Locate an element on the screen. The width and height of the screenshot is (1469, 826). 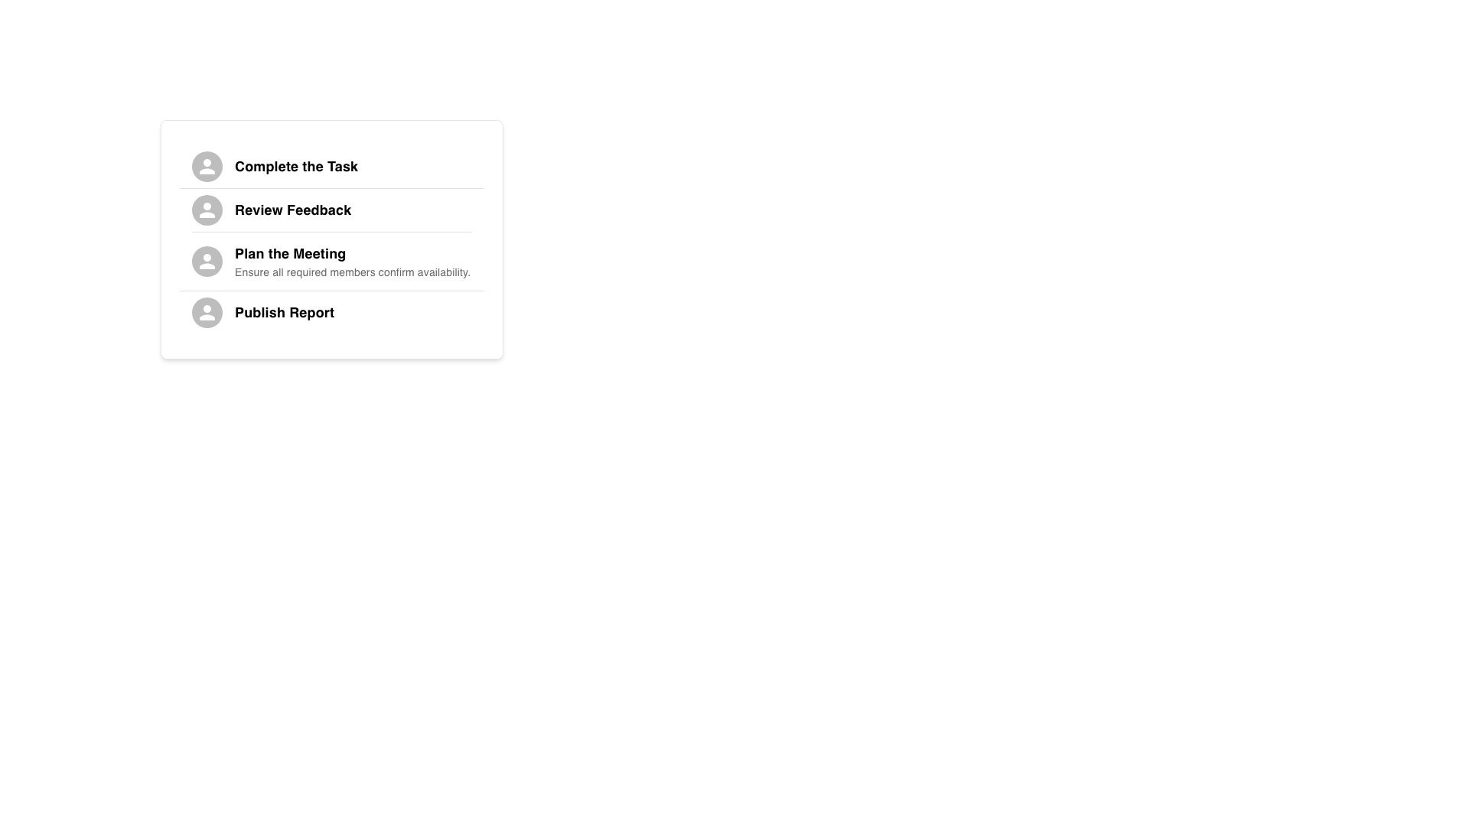
the text label reading 'Complete the Task' is located at coordinates (352, 167).